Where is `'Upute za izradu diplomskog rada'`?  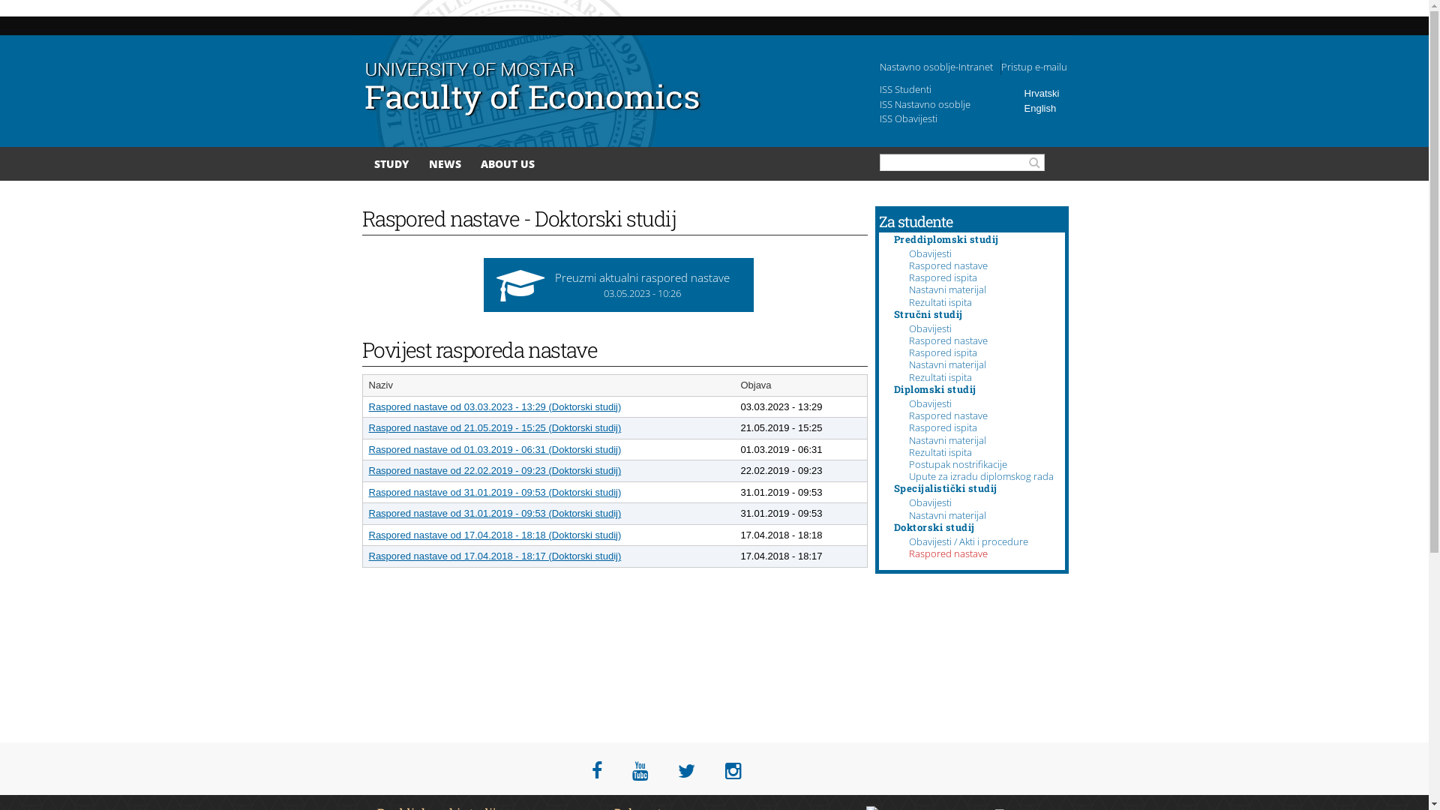
'Upute za izradu diplomskog rada' is located at coordinates (907, 476).